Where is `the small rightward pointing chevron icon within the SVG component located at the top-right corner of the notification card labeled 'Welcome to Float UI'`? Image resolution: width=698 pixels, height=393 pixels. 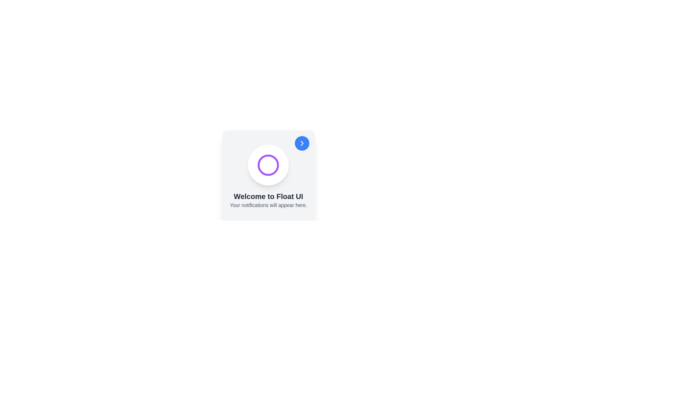
the small rightward pointing chevron icon within the SVG component located at the top-right corner of the notification card labeled 'Welcome to Float UI' is located at coordinates (302, 143).